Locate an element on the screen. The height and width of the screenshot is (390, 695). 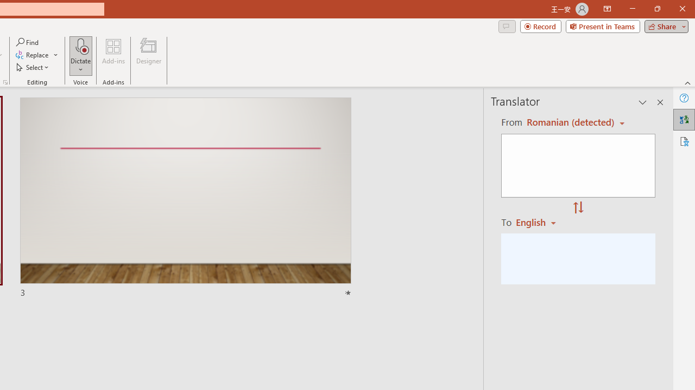
'Ribbon Display Options' is located at coordinates (606, 9).